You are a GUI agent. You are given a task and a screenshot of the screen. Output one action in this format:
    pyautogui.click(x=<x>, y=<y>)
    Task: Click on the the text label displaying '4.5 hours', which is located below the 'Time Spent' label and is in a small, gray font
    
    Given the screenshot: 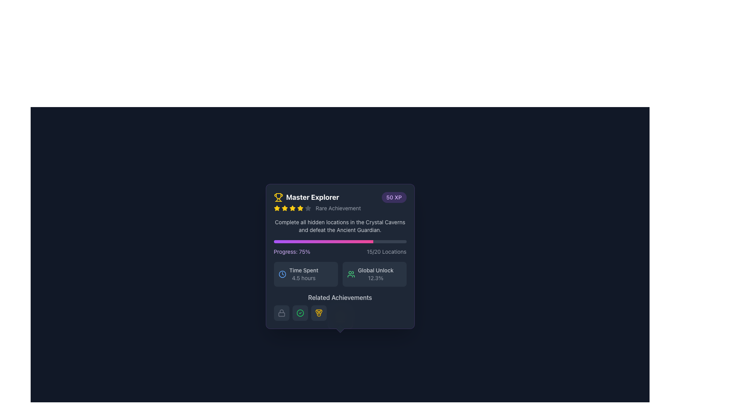 What is the action you would take?
    pyautogui.click(x=303, y=278)
    